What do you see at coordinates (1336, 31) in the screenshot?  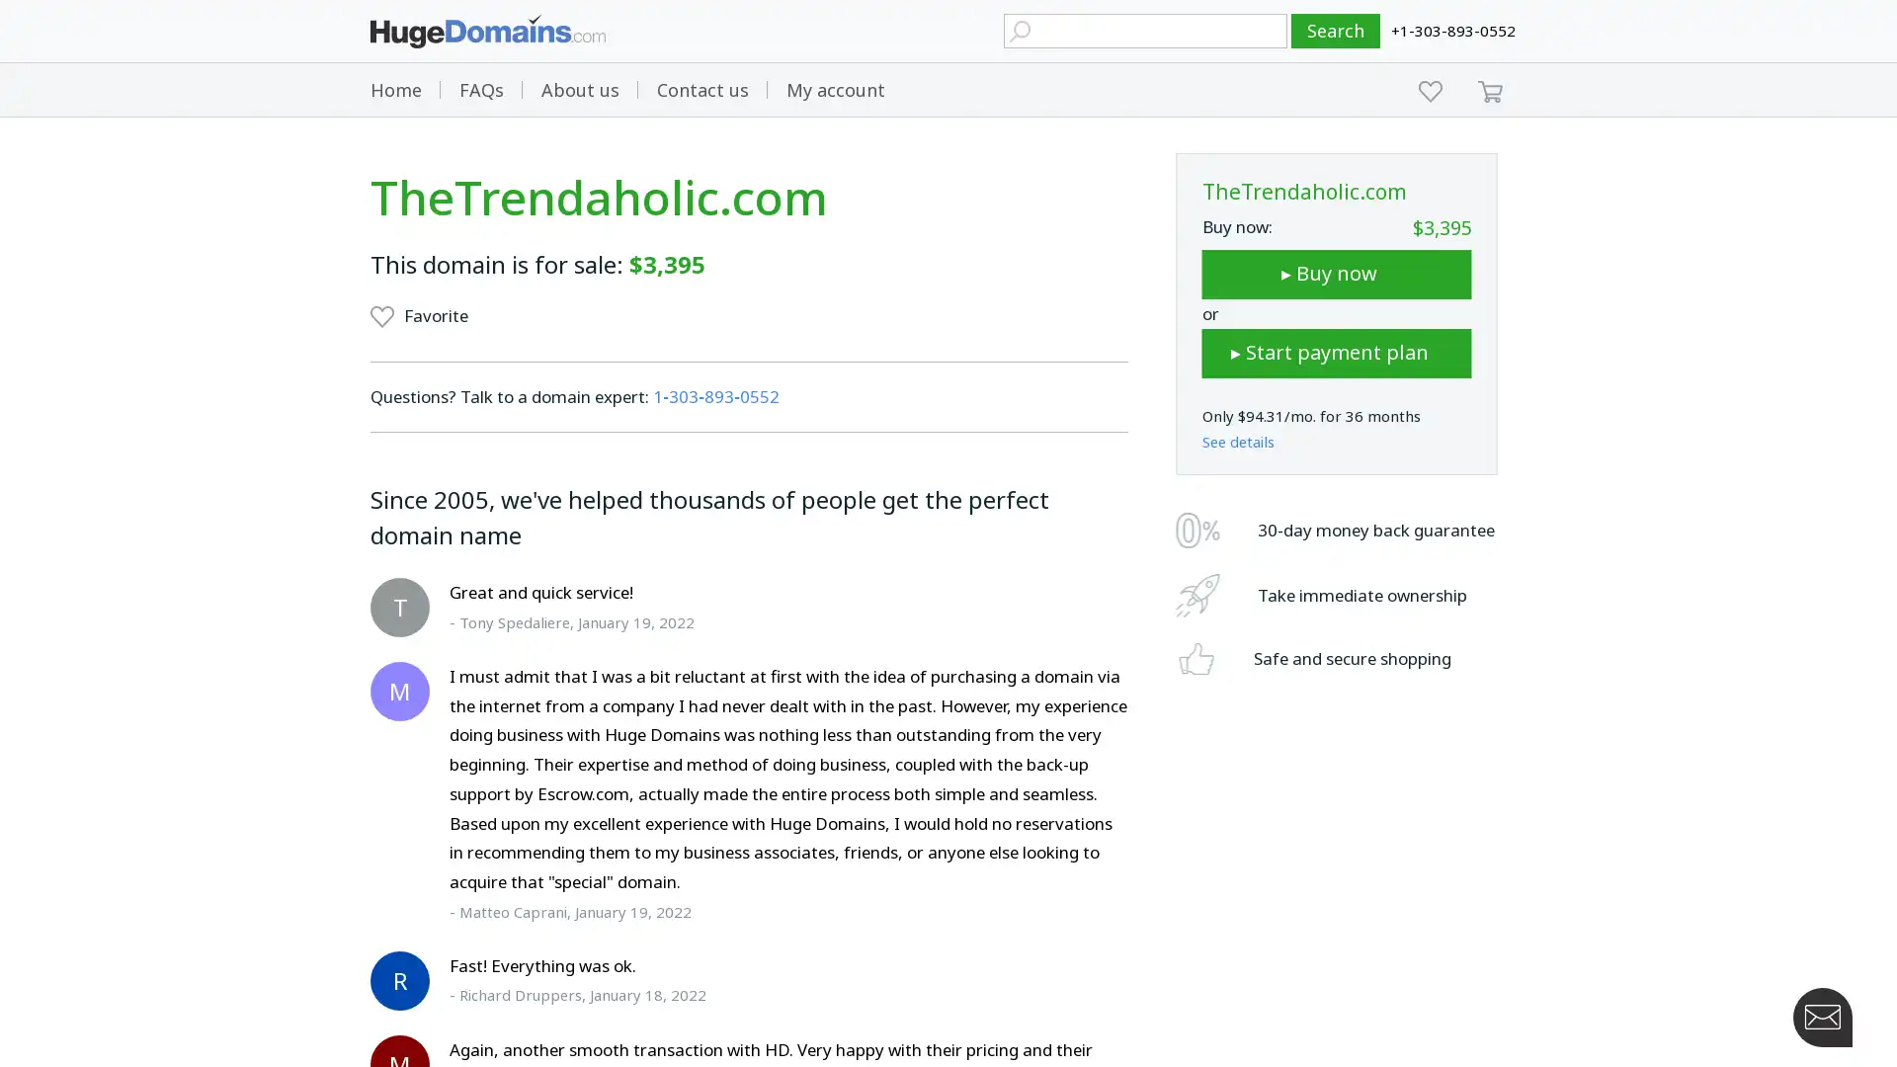 I see `Search` at bounding box center [1336, 31].